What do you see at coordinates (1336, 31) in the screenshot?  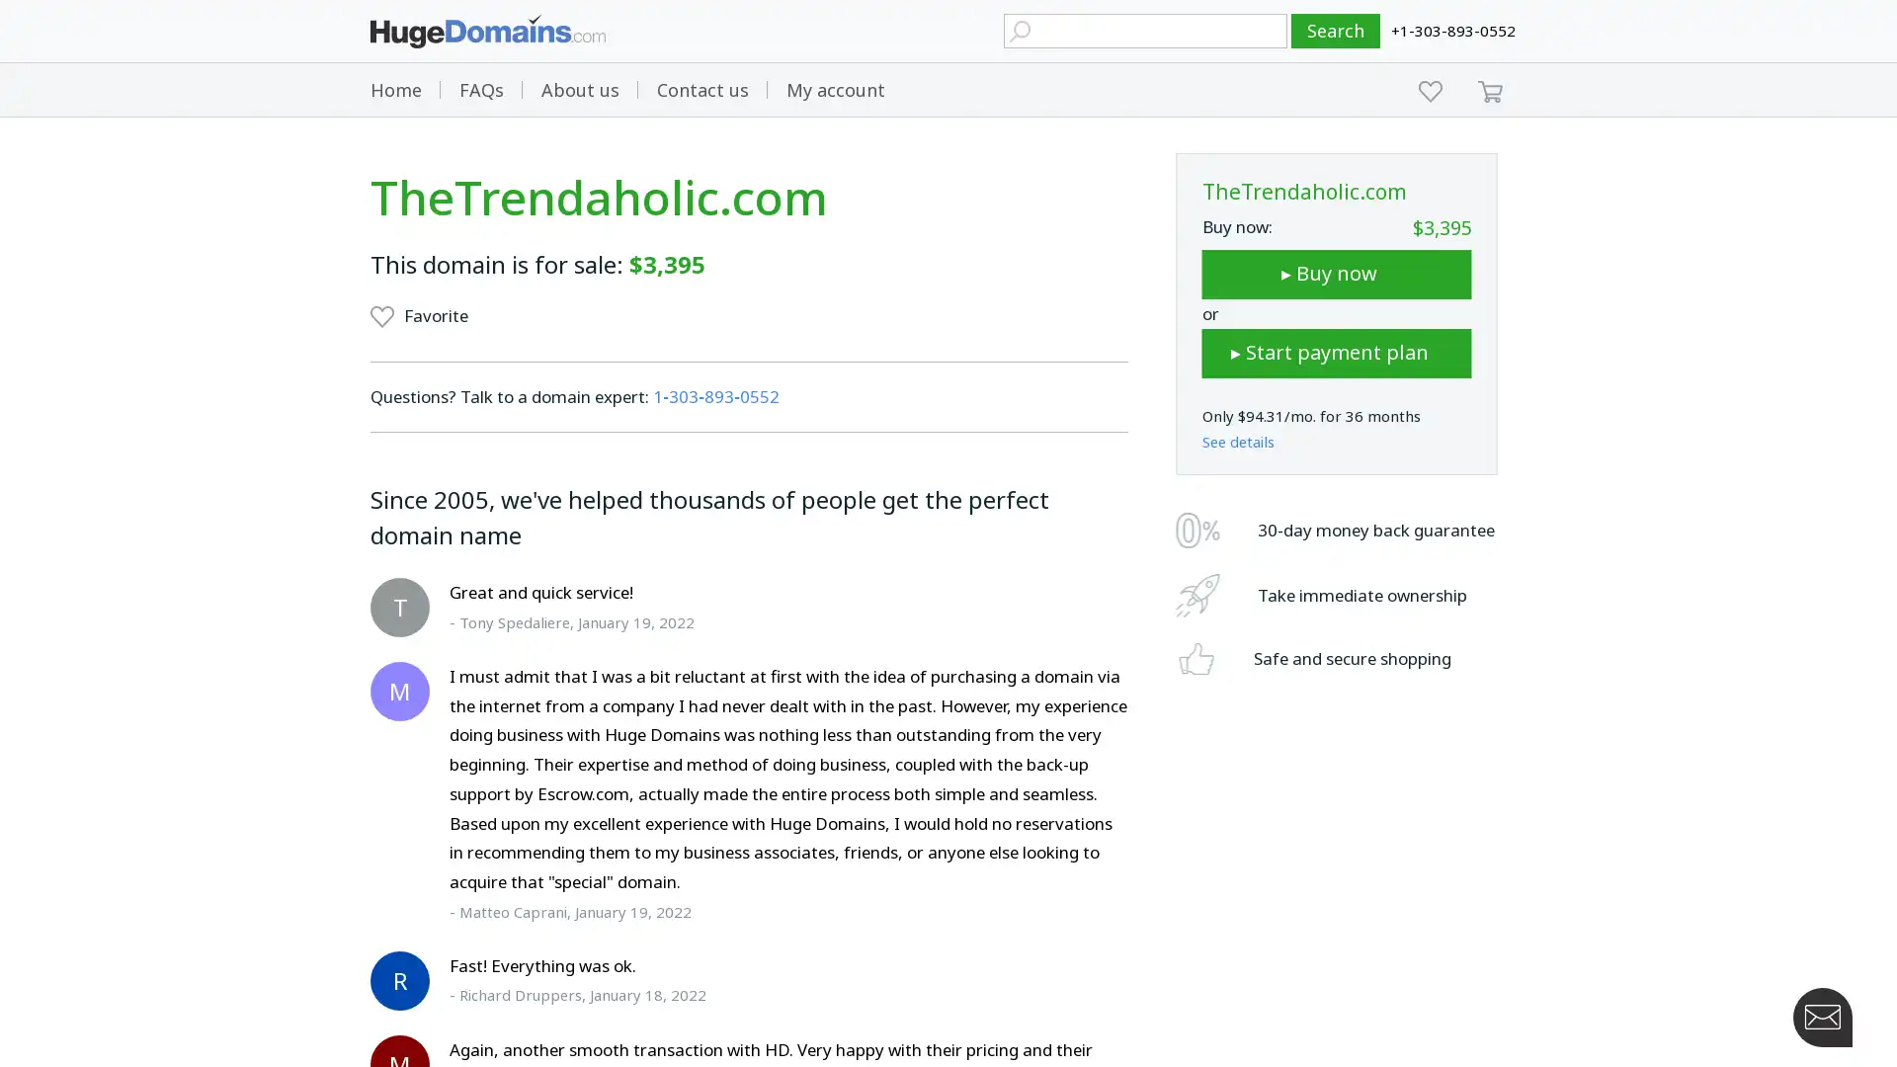 I see `Search` at bounding box center [1336, 31].